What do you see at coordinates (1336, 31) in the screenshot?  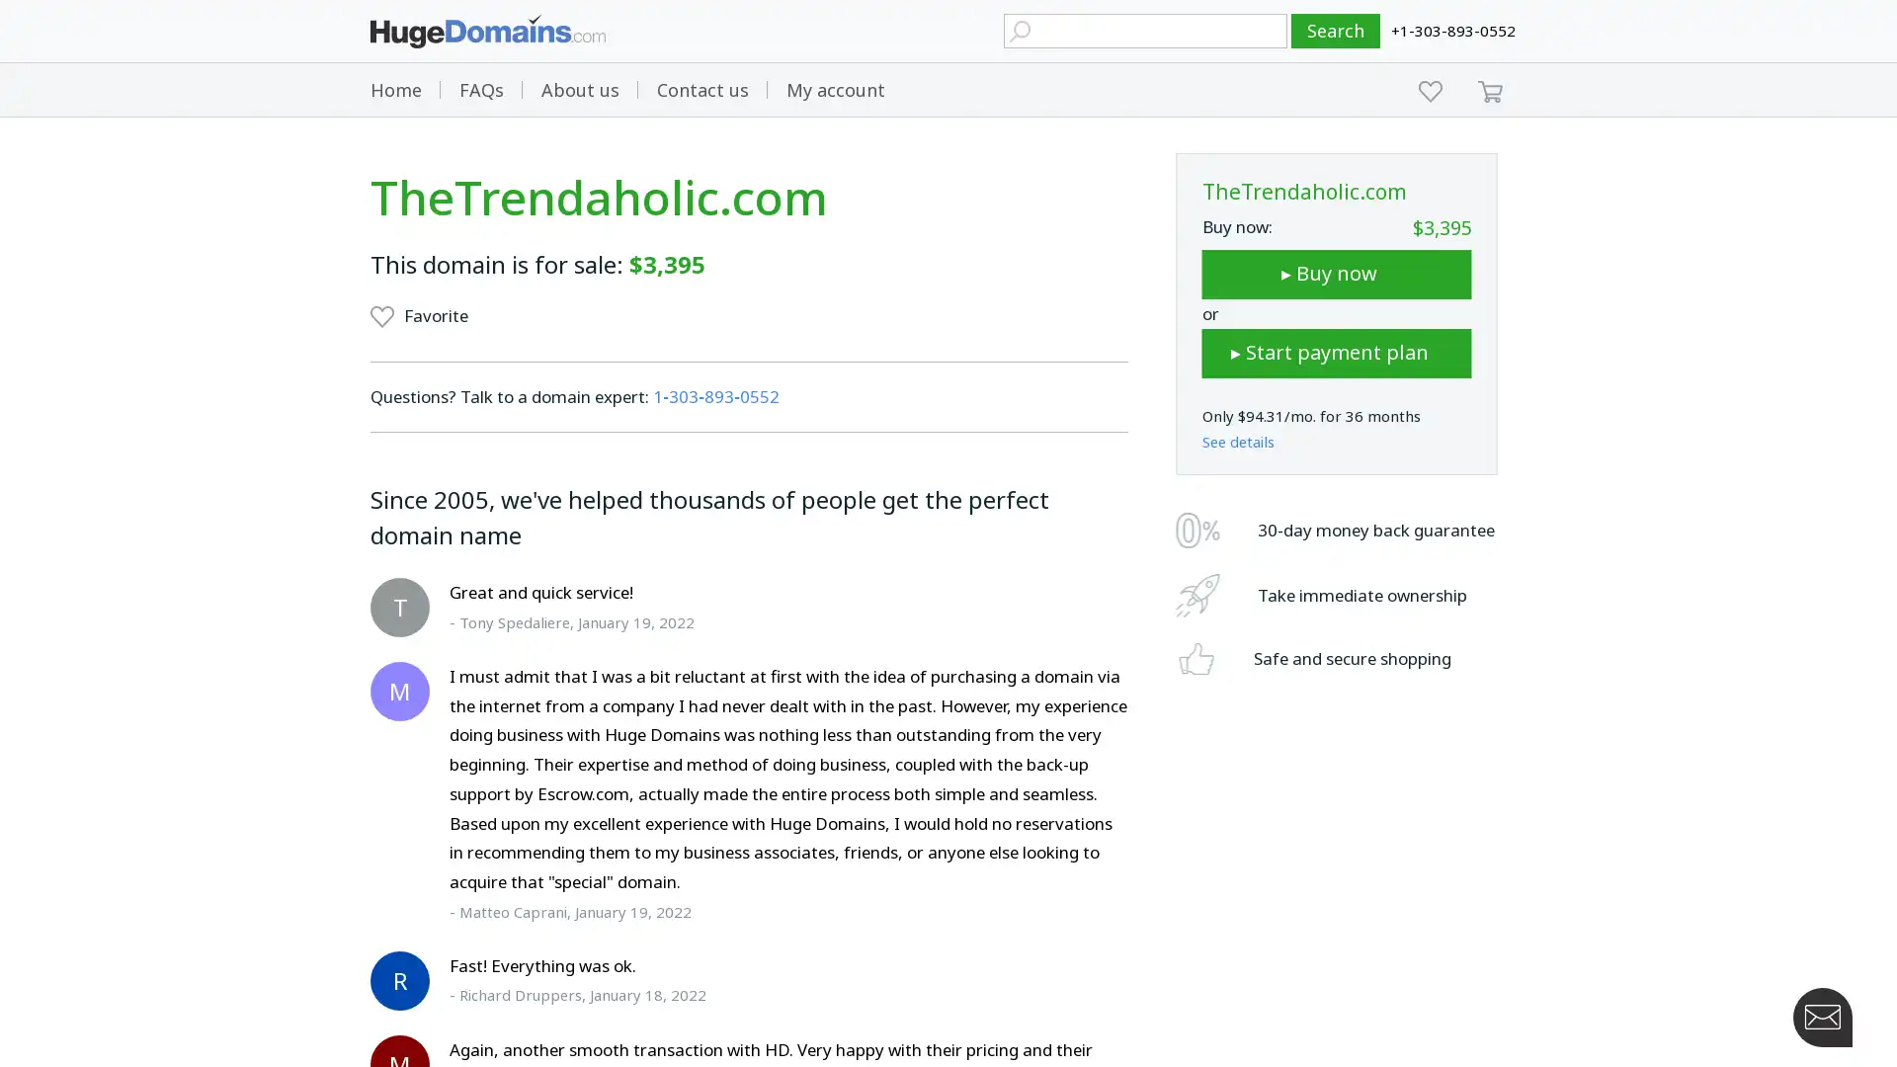 I see `Search` at bounding box center [1336, 31].